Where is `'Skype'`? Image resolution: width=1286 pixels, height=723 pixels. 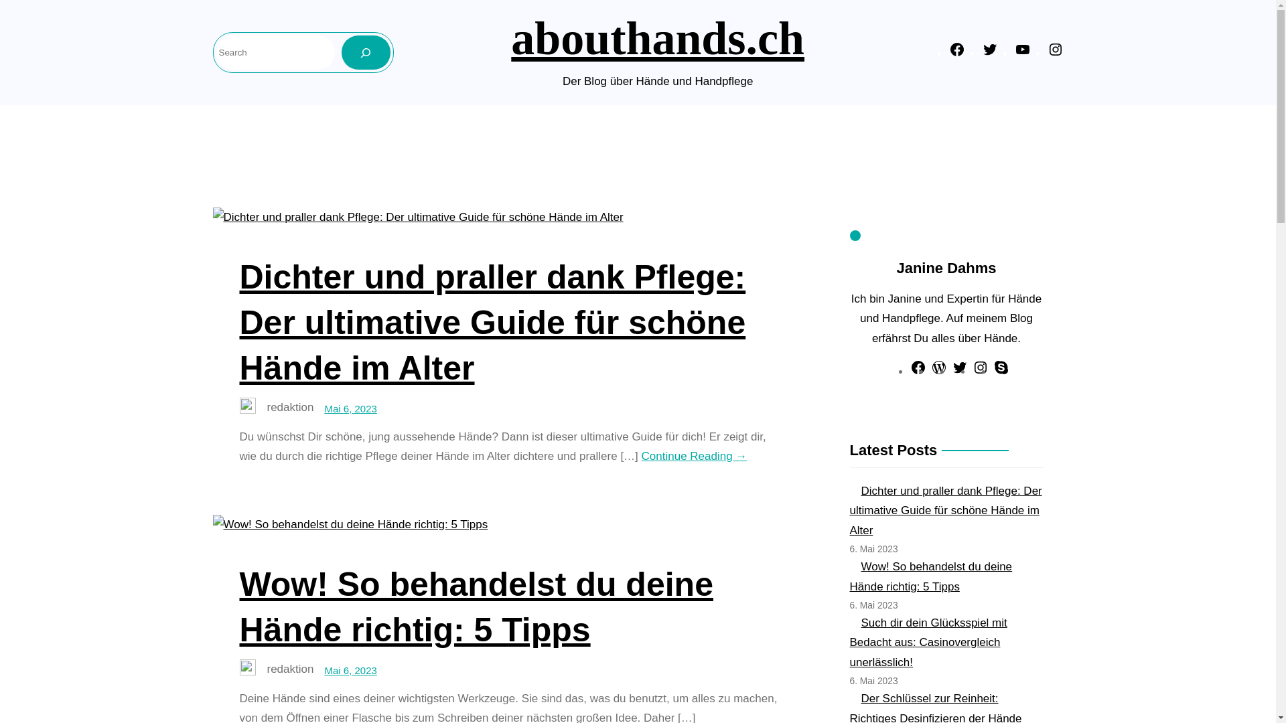 'Skype' is located at coordinates (1001, 372).